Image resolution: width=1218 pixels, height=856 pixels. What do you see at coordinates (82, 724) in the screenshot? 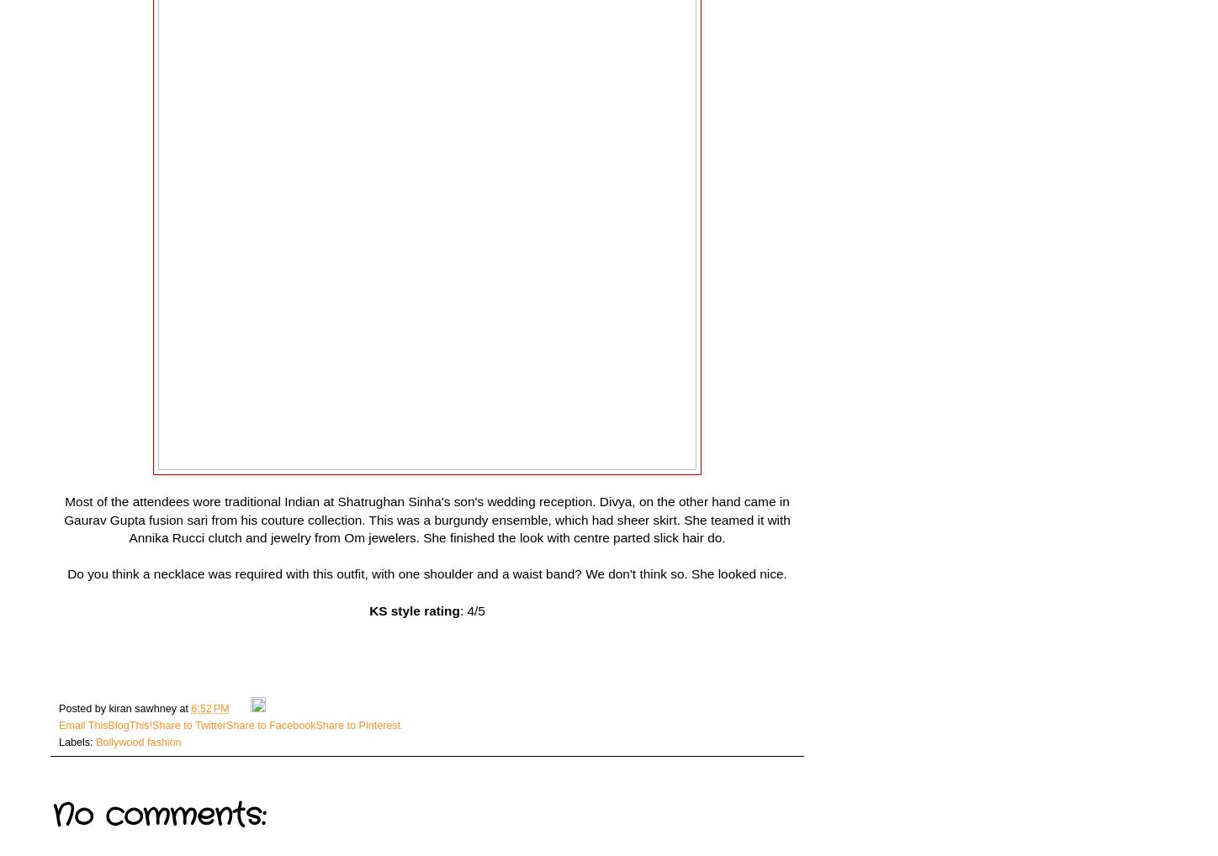
I see `'Email This'` at bounding box center [82, 724].